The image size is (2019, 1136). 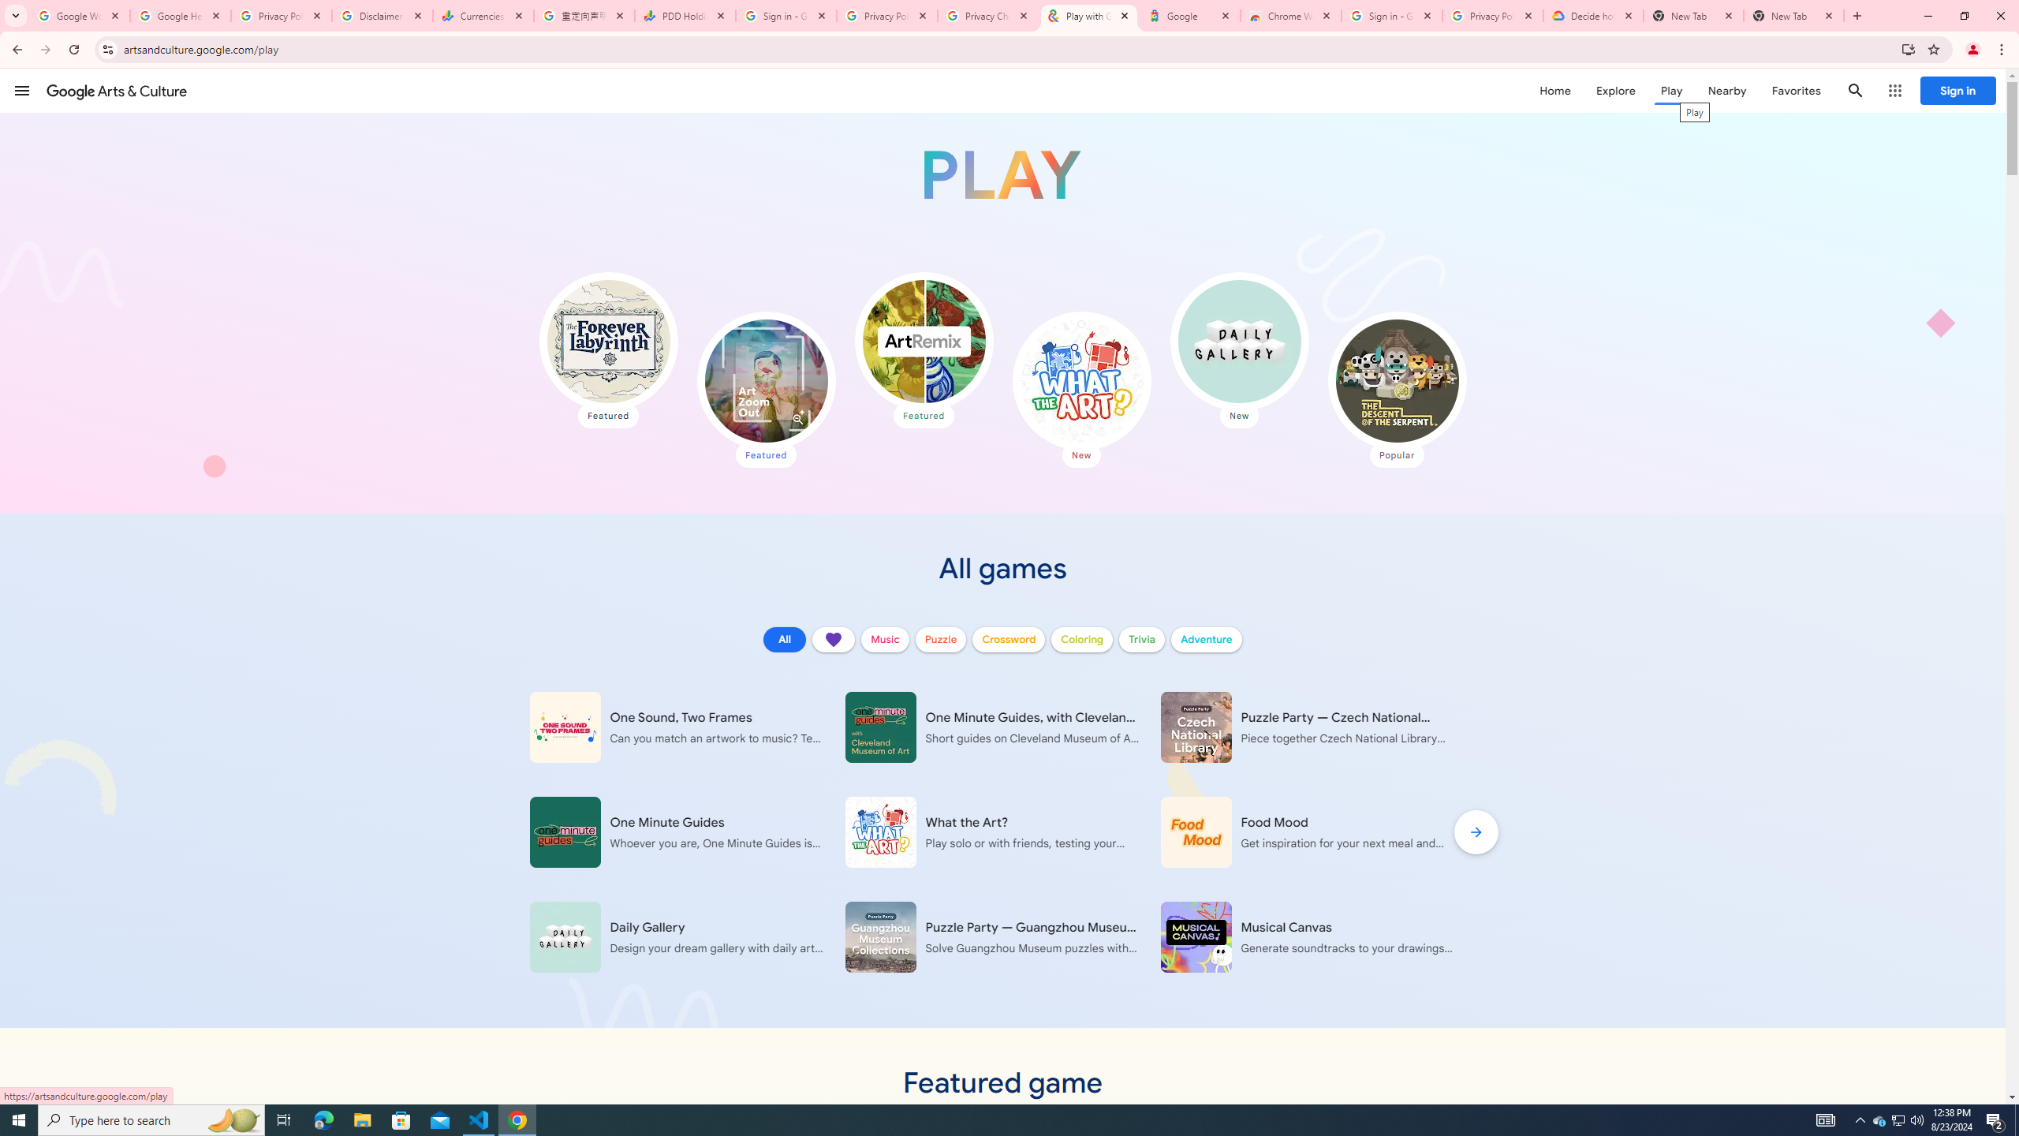 What do you see at coordinates (1614, 90) in the screenshot?
I see `'Explore'` at bounding box center [1614, 90].